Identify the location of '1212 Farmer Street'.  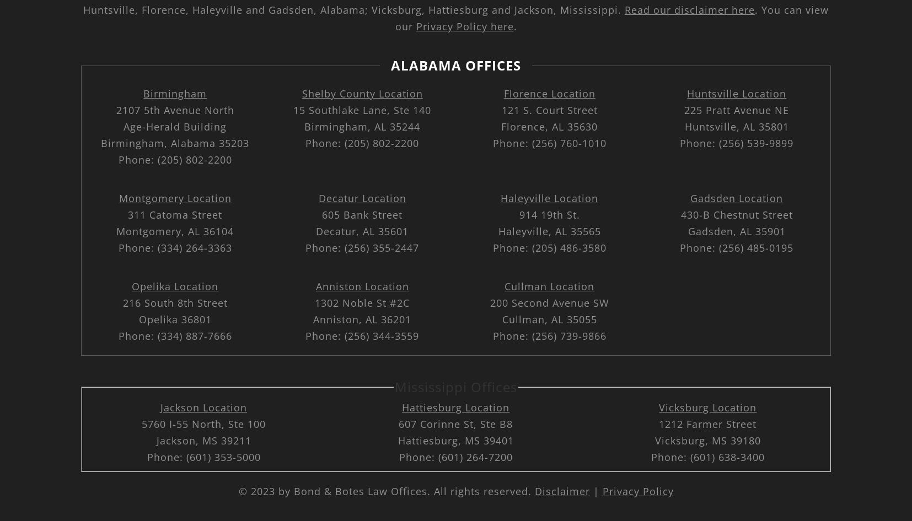
(658, 424).